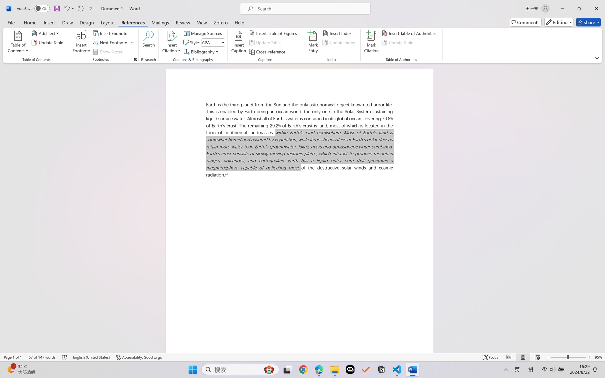 The height and width of the screenshot is (378, 605). I want to click on 'Style', so click(213, 42).